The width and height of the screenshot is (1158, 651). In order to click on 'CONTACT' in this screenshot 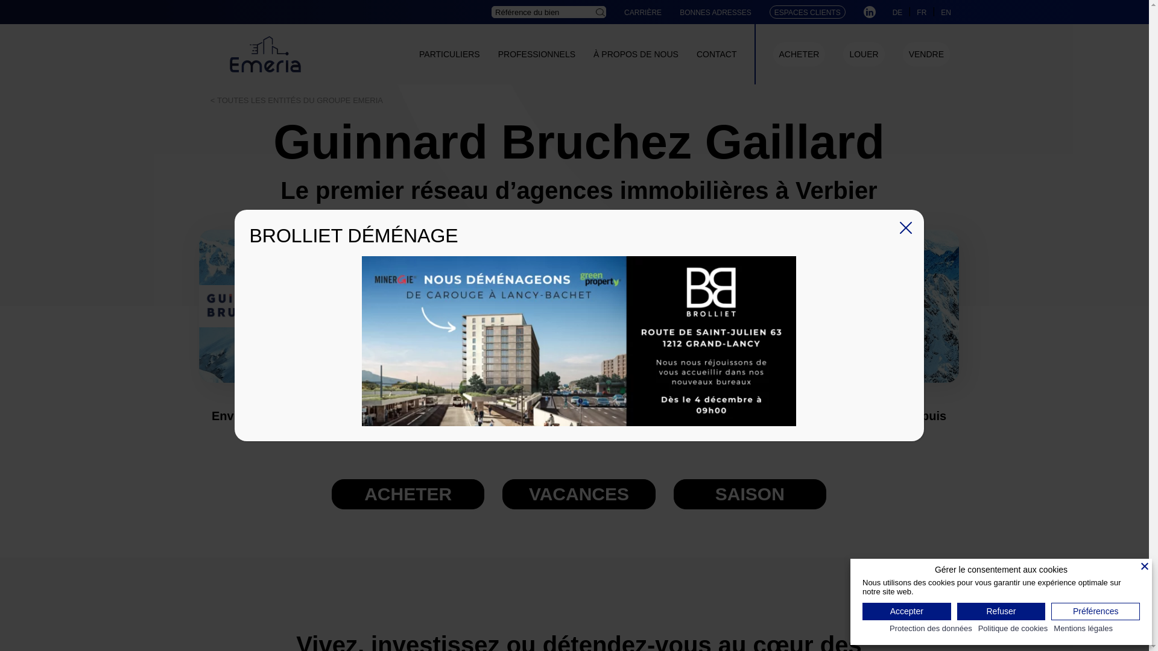, I will do `click(717, 53)`.